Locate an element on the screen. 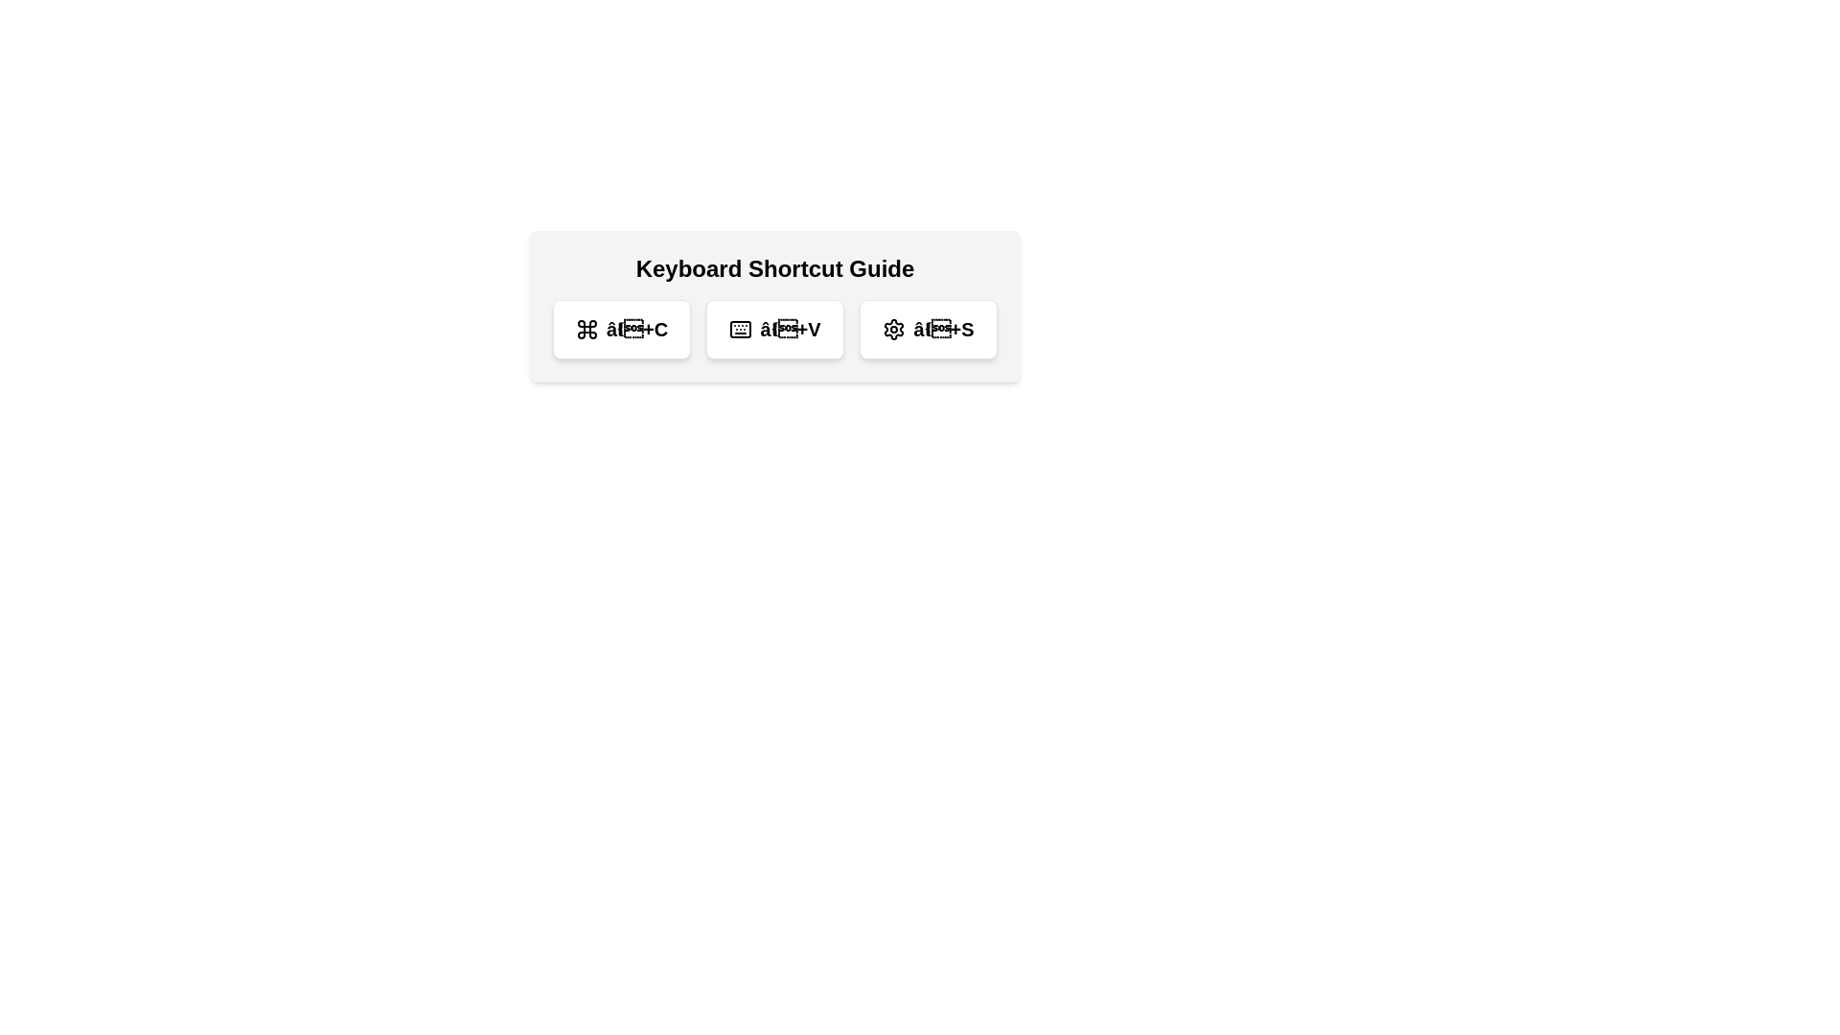  the text label displaying '⌘+V', which is the third element in a group of keyboard shortcut representations, located under the 'Keyboard Shortcut Guide' is located at coordinates (791, 328).